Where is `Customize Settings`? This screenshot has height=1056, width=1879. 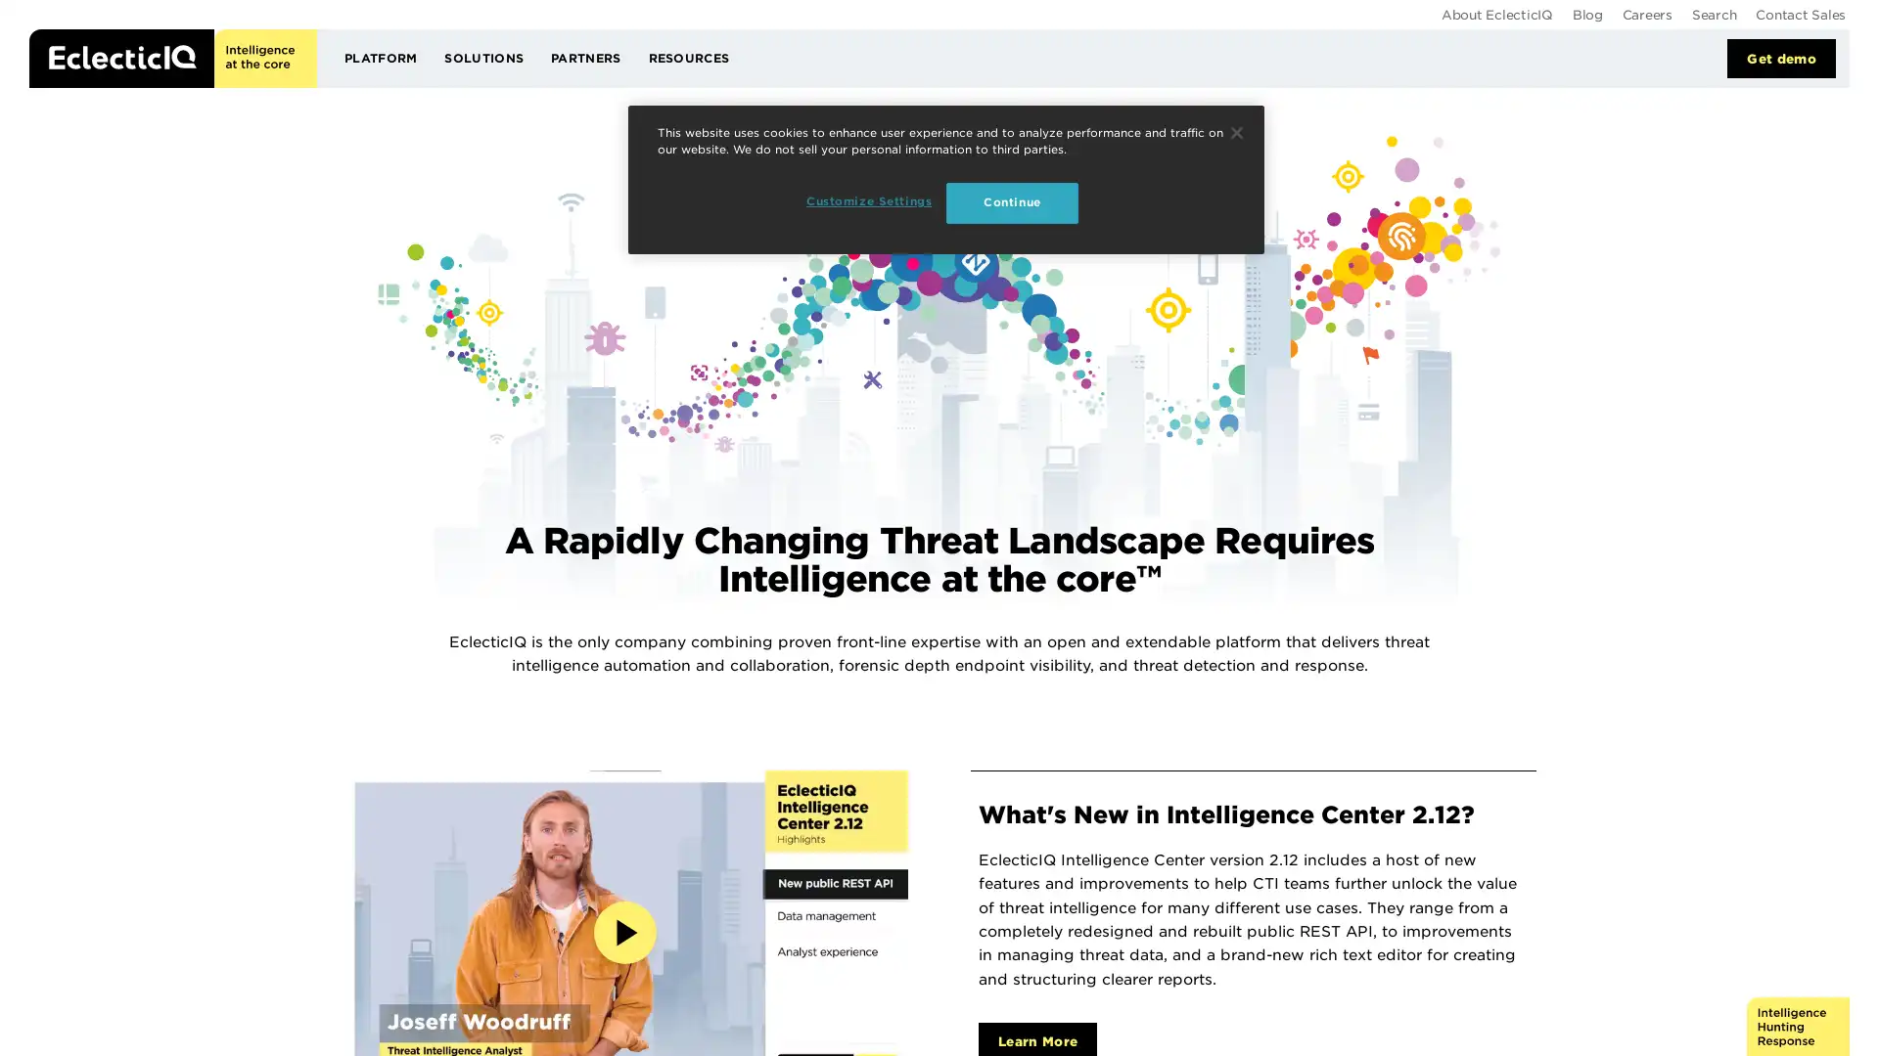 Customize Settings is located at coordinates (867, 202).